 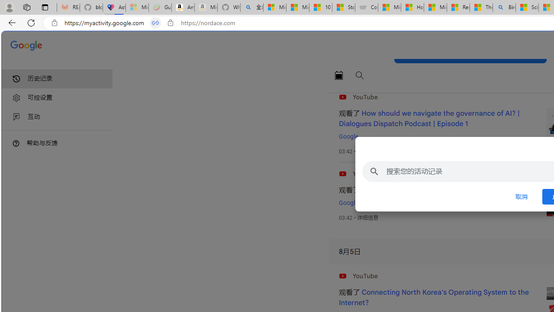 What do you see at coordinates (434, 297) in the screenshot?
I see `'Connecting North Korea'` at bounding box center [434, 297].